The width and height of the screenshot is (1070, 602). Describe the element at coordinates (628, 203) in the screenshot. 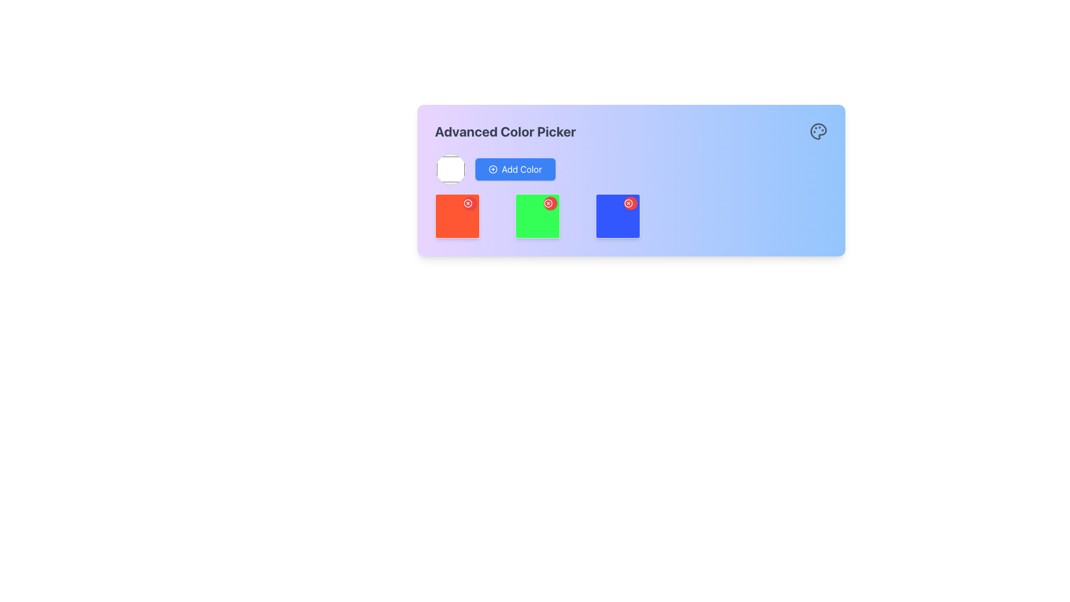

I see `the delete button located at the top right corner of the blue square in the third column of the color picker` at that location.